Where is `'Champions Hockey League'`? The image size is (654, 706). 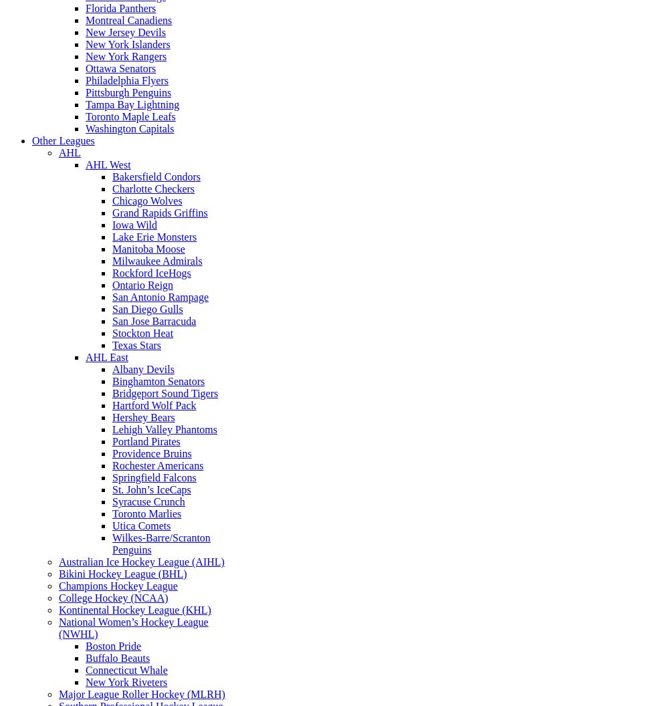
'Champions Hockey League' is located at coordinates (118, 585).